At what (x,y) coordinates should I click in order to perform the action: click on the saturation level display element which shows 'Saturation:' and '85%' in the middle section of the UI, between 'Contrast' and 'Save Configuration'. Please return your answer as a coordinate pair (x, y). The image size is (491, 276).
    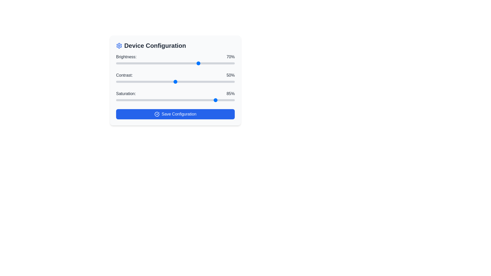
    Looking at the image, I should click on (175, 94).